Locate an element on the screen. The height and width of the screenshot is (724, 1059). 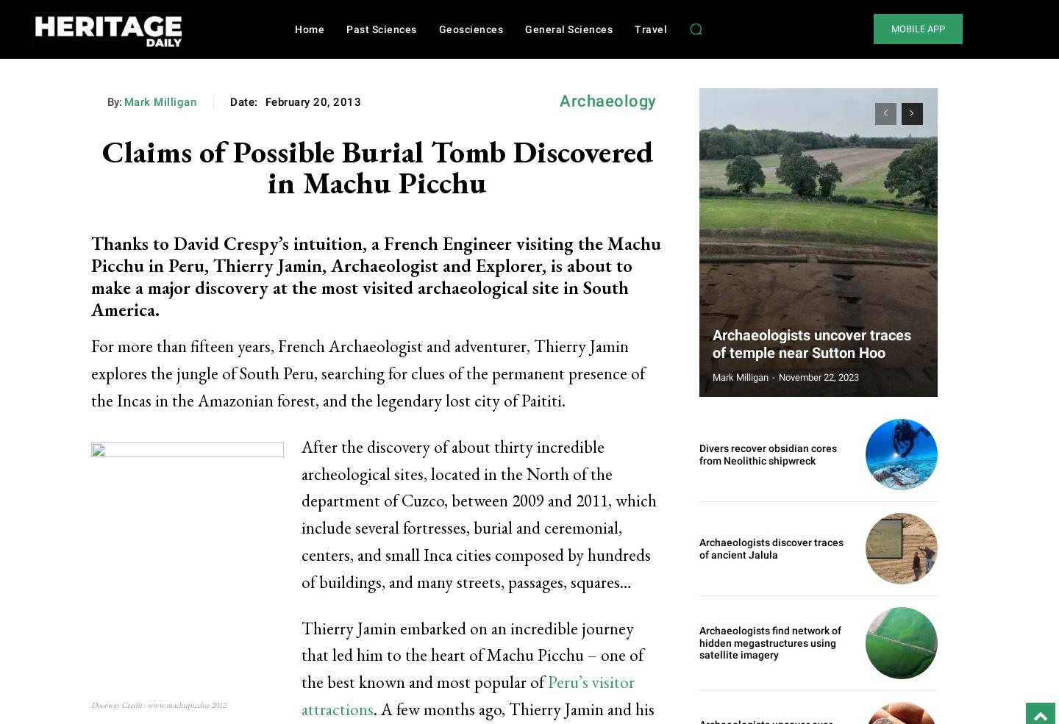
'Home' is located at coordinates (294, 28).